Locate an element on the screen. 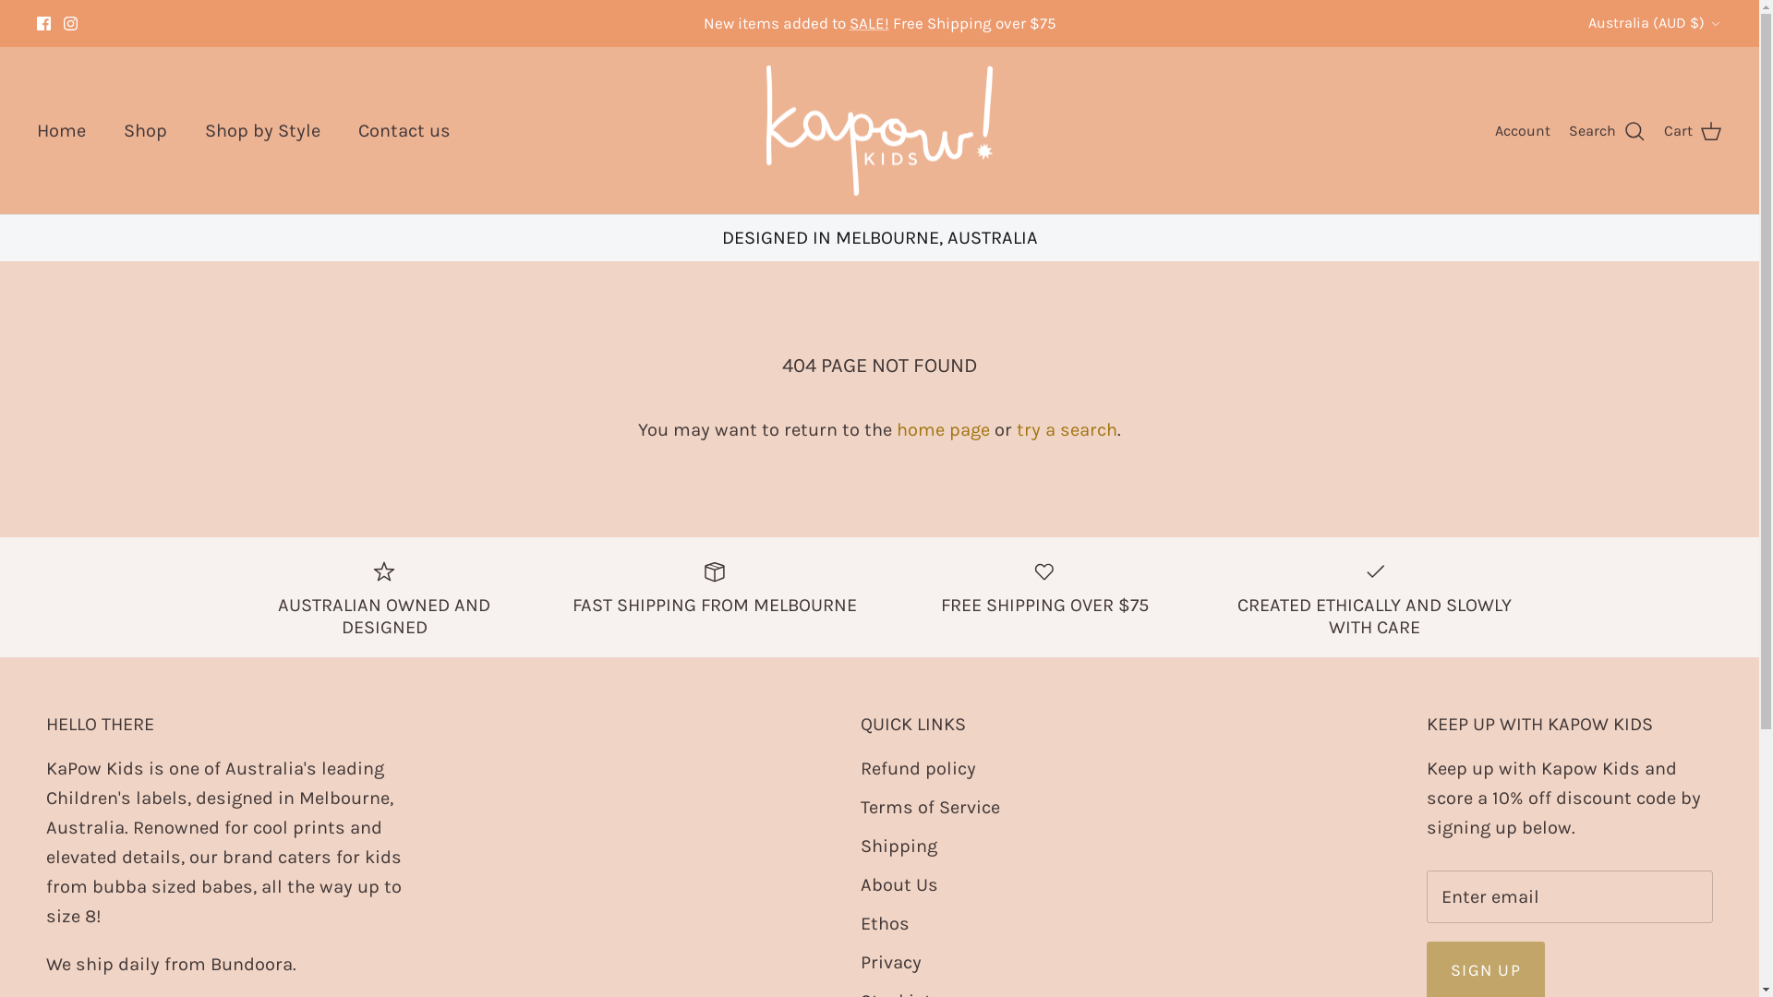  'Account' is located at coordinates (1494, 130).